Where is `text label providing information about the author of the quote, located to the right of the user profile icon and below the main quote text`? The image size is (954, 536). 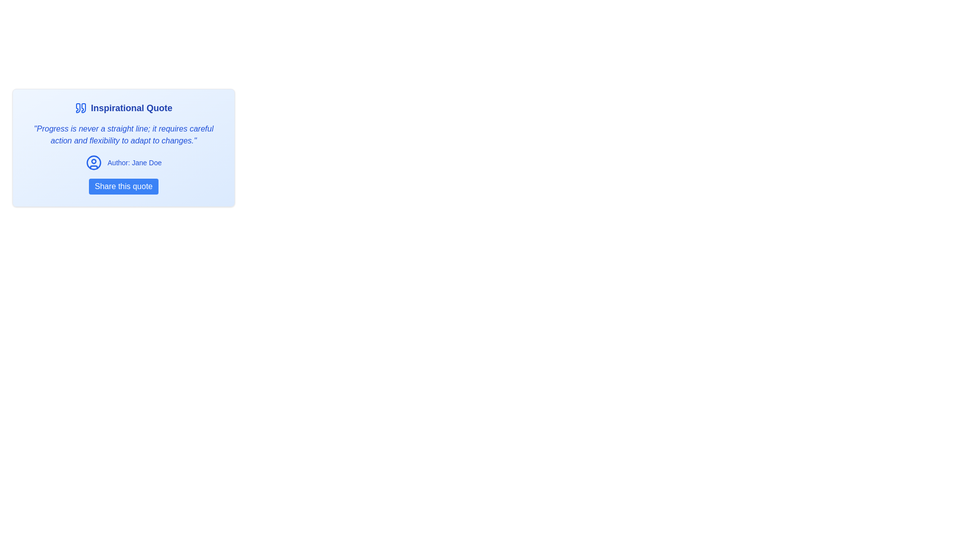 text label providing information about the author of the quote, located to the right of the user profile icon and below the main quote text is located at coordinates (134, 162).